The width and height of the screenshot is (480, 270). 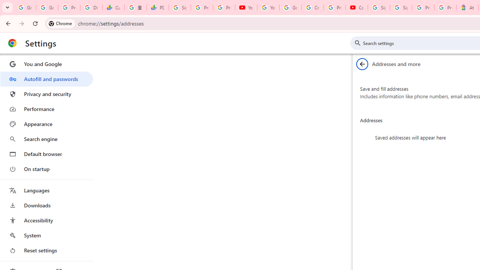 What do you see at coordinates (46, 139) in the screenshot?
I see `'Search engine'` at bounding box center [46, 139].